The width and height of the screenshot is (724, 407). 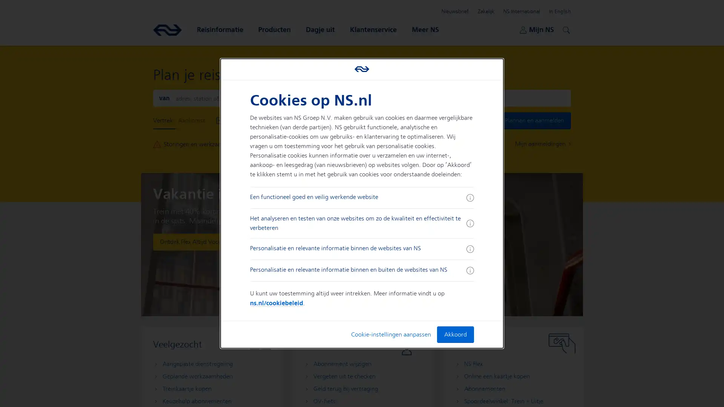 I want to click on Reisinformatie Open submenu, so click(x=219, y=29).